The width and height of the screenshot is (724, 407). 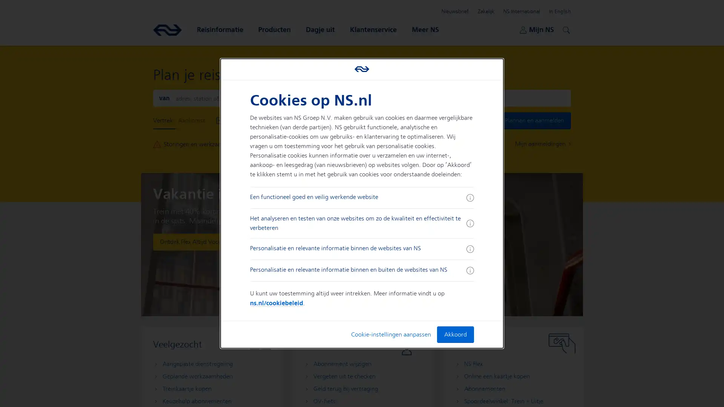 I want to click on Reisinformatie Open submenu, so click(x=219, y=29).